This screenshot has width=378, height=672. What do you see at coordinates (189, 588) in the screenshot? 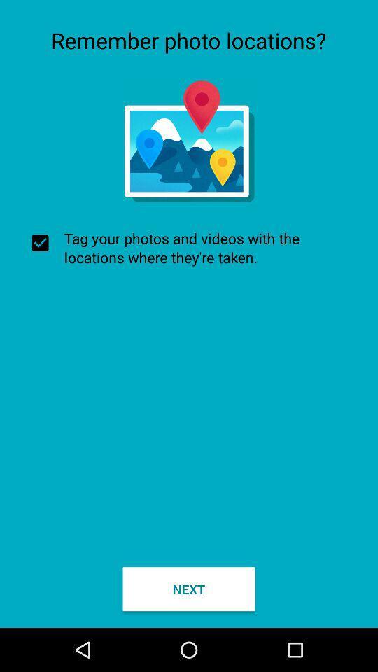
I see `the next icon` at bounding box center [189, 588].